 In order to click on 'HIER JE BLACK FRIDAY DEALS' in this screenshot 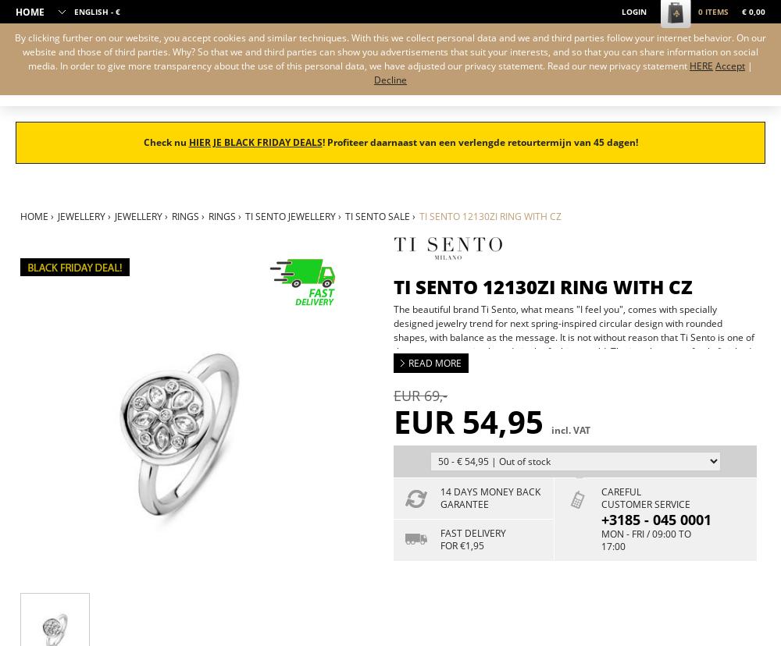, I will do `click(187, 141)`.